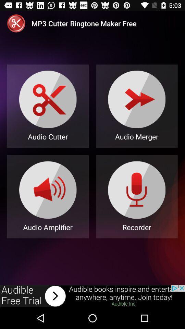 The image size is (185, 329). Describe the element at coordinates (92, 296) in the screenshot. I see `the advertisement` at that location.